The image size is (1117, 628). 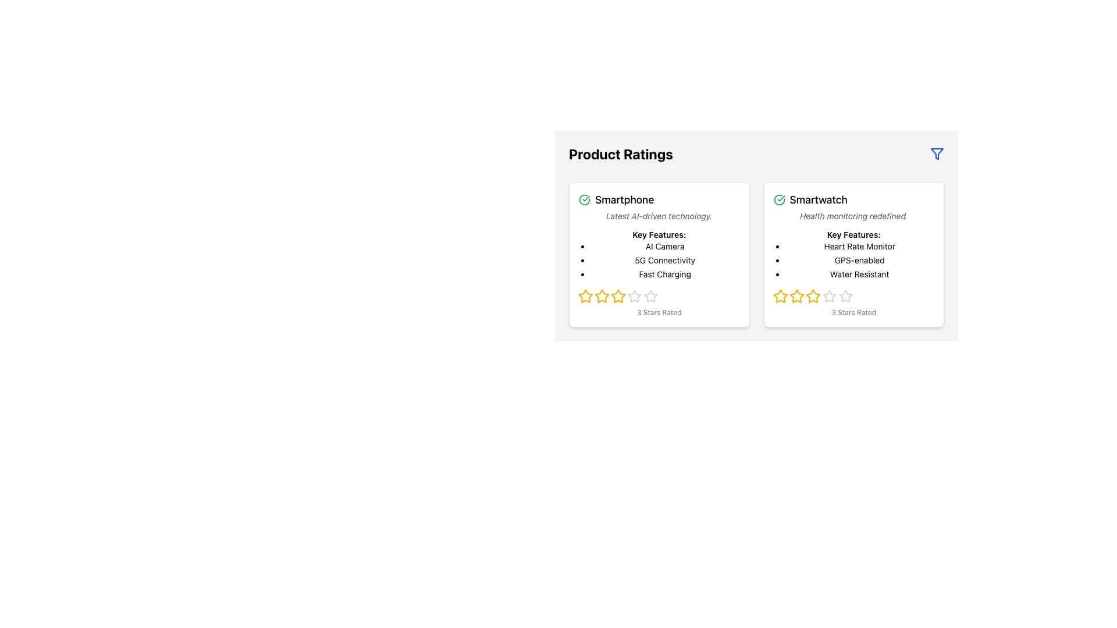 I want to click on the displayed rating by interacting with the row of star icons in the Rating component located at the bottom of the 'Smartphone' card, so click(x=659, y=295).